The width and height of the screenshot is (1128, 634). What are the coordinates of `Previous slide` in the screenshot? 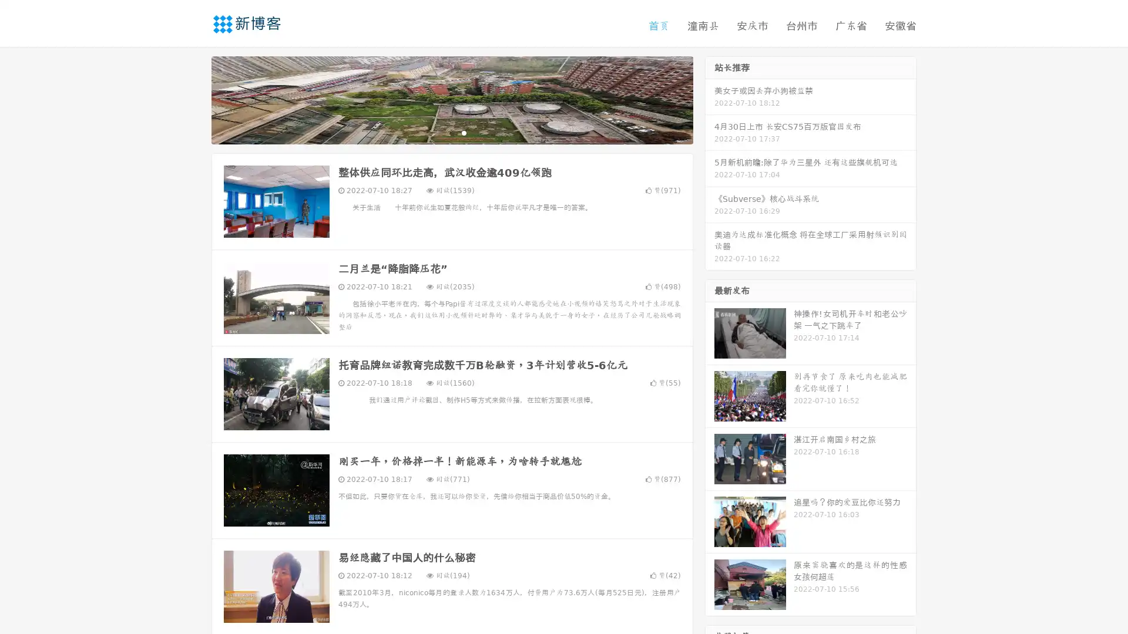 It's located at (194, 99).